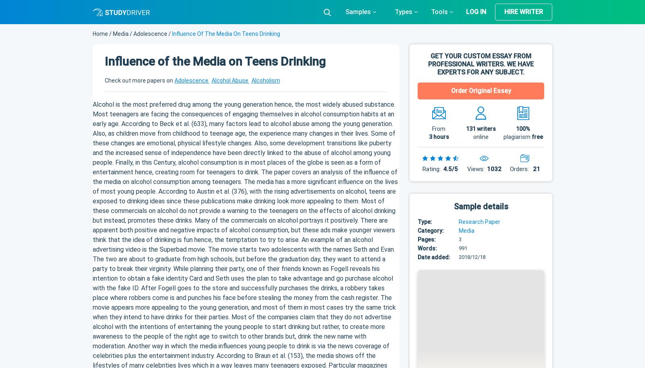  I want to click on 'Home', so click(101, 33).